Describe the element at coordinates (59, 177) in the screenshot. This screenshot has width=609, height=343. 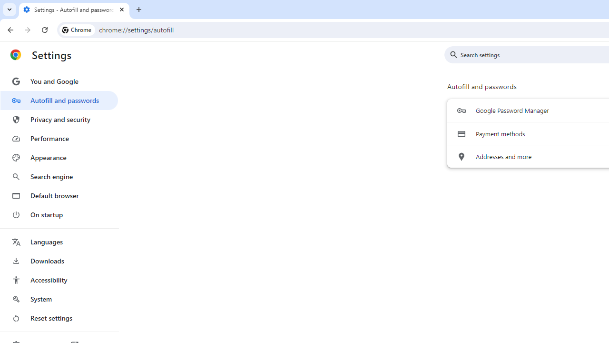
I see `'Search engine'` at that location.